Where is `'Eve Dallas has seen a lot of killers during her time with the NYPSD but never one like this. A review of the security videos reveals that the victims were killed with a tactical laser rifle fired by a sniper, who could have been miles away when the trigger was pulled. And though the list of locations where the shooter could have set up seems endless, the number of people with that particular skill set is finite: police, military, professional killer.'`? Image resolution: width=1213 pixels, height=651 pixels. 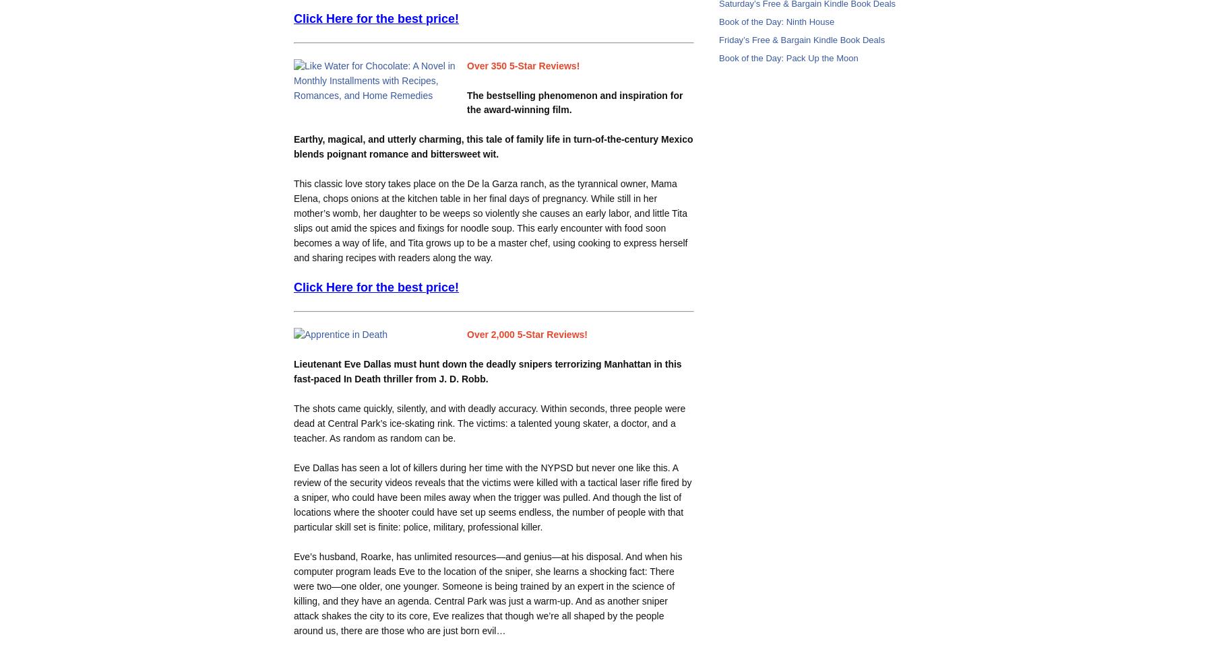 'Eve Dallas has seen a lot of killers during her time with the NYPSD but never one like this. A review of the security videos reveals that the victims were killed with a tactical laser rifle fired by a sniper, who could have been miles away when the trigger was pulled. And though the list of locations where the shooter could have set up seems endless, the number of people with that particular skill set is finite: police, military, professional killer.' is located at coordinates (491, 496).